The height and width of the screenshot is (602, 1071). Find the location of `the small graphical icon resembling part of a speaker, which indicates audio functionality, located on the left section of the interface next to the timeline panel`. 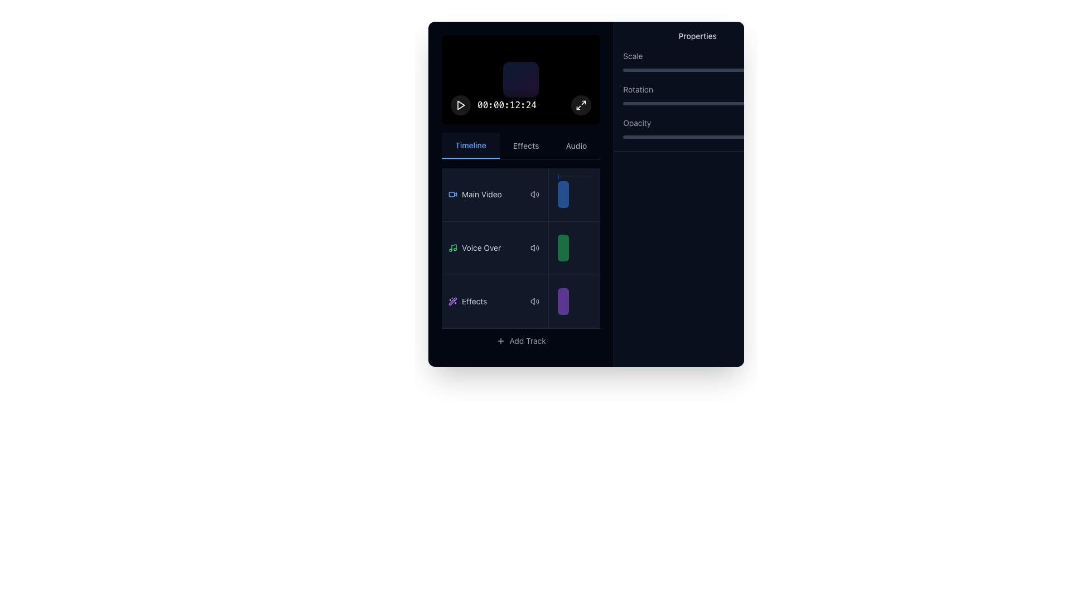

the small graphical icon resembling part of a speaker, which indicates audio functionality, located on the left section of the interface next to the timeline panel is located at coordinates (532, 247).